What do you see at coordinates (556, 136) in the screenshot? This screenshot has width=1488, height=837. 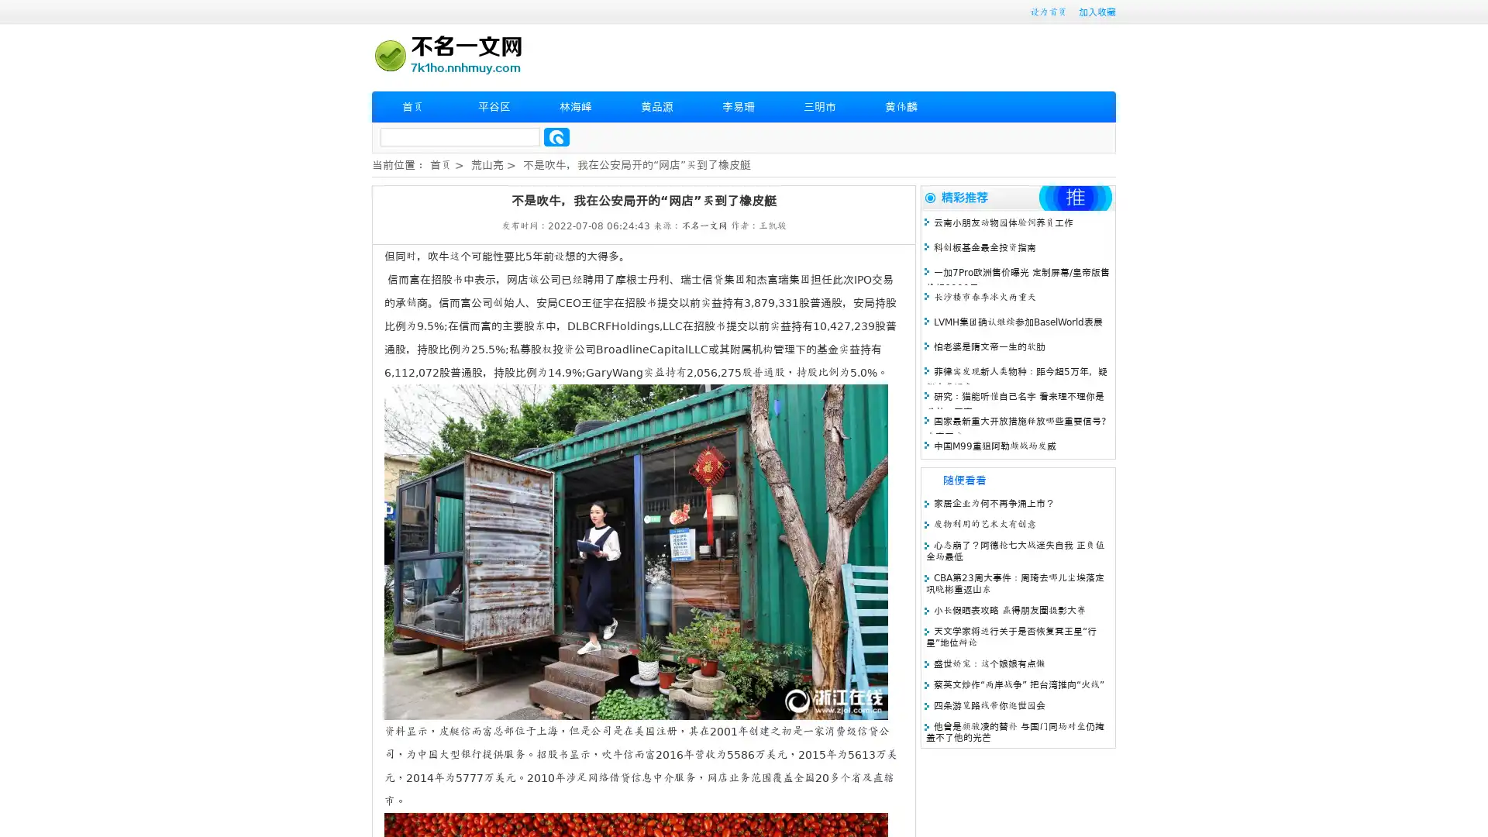 I see `Search` at bounding box center [556, 136].